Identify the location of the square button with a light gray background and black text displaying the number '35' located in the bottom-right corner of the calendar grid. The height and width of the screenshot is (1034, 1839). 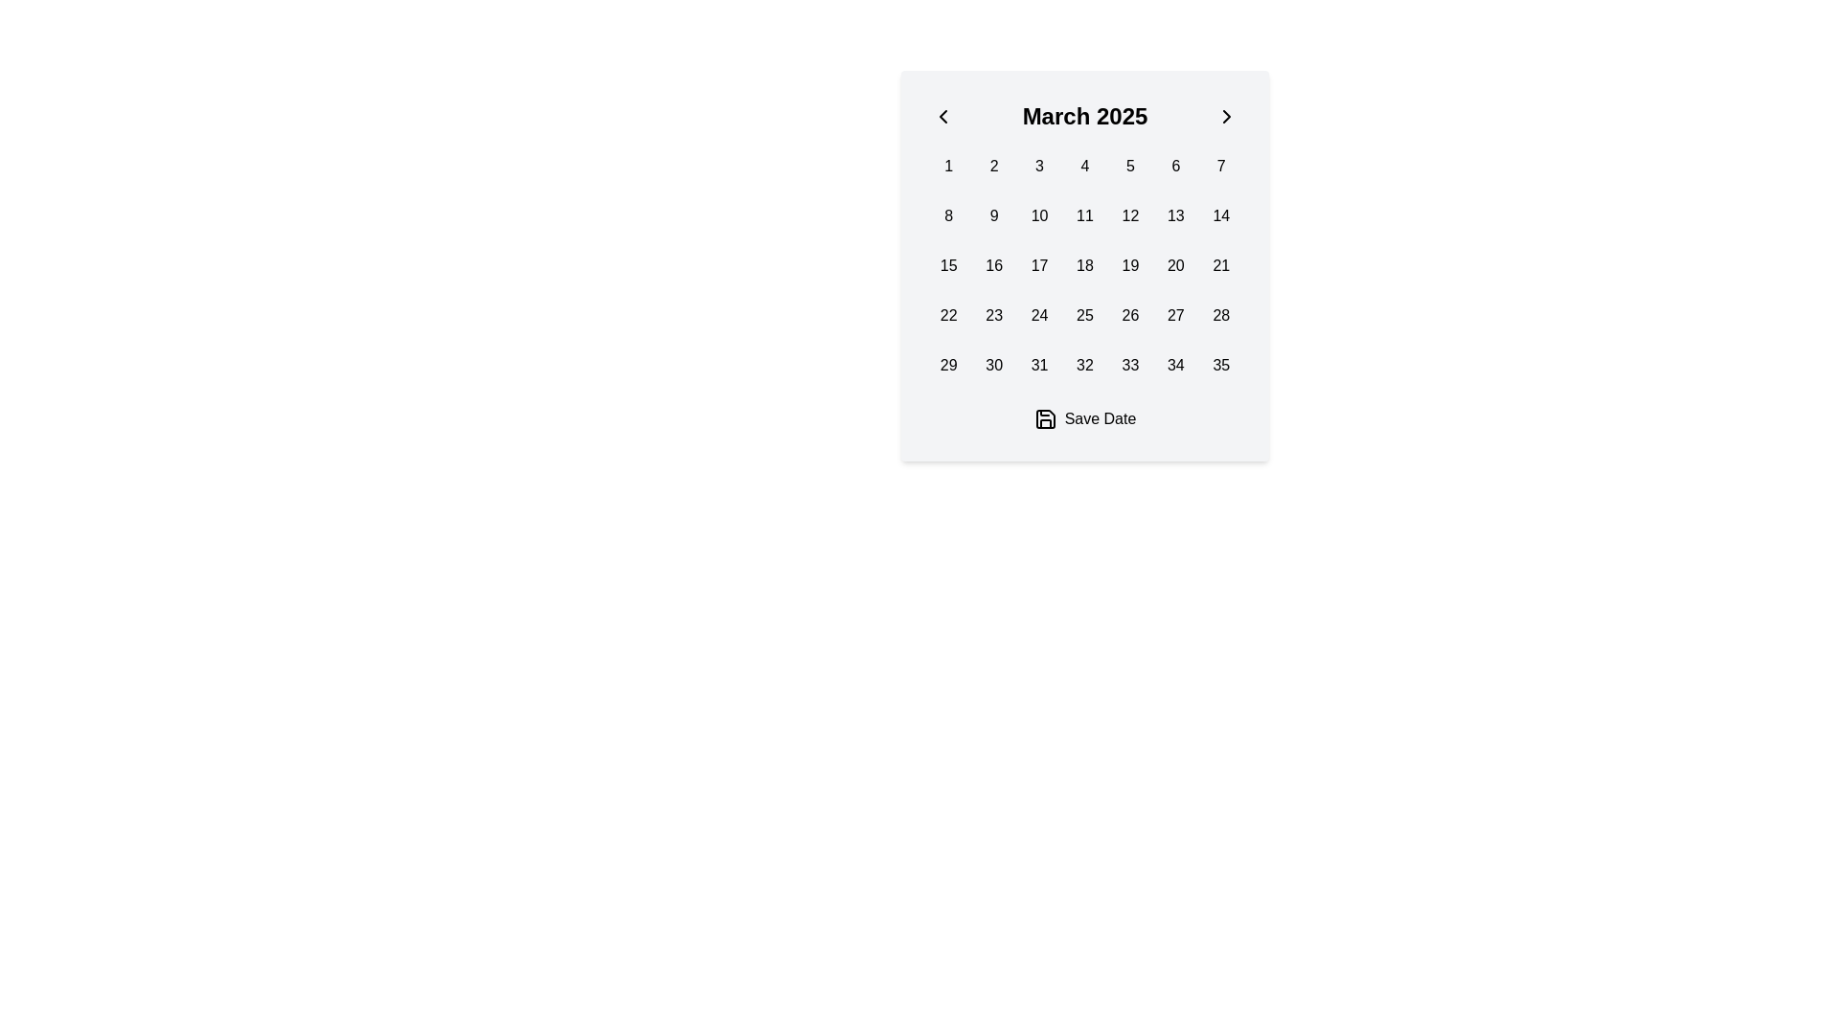
(1220, 365).